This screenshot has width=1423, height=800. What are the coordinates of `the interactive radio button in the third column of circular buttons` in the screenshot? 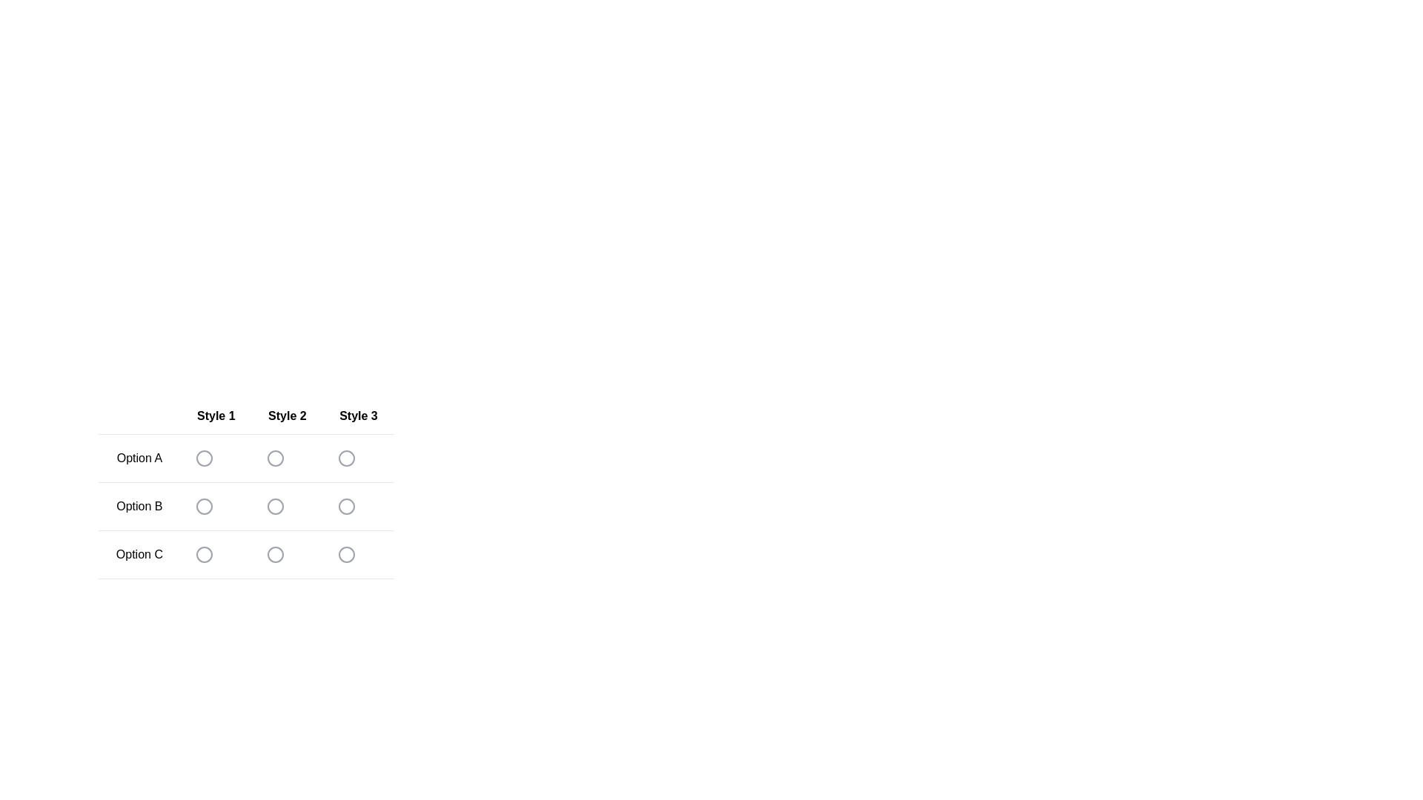 It's located at (345, 505).